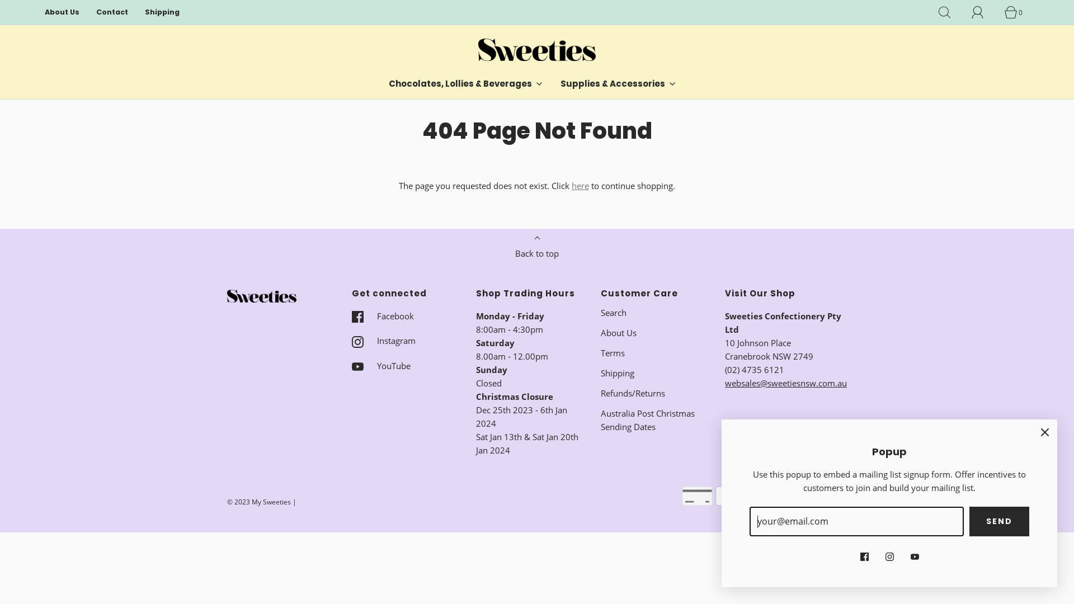 The width and height of the screenshot is (1074, 604). Describe the element at coordinates (654, 420) in the screenshot. I see `'Australia Post Christmas Sending Dates'` at that location.